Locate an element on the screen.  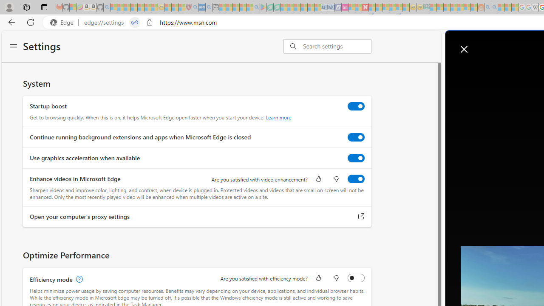
'Tabs in split screen' is located at coordinates (134, 22).